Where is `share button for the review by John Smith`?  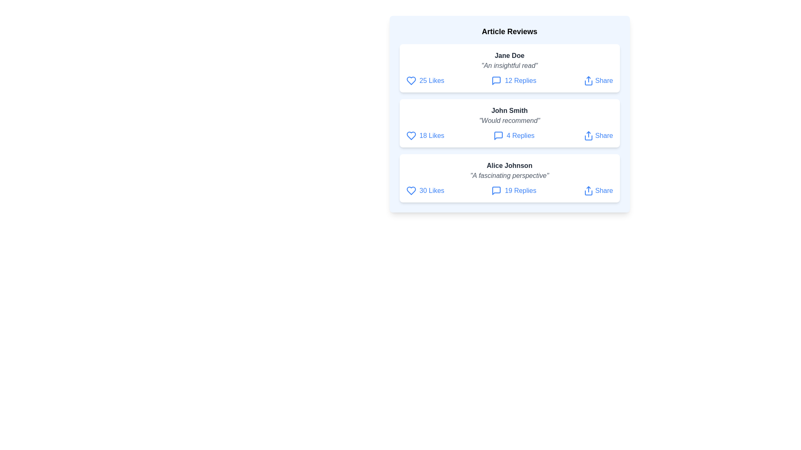 share button for the review by John Smith is located at coordinates (598, 135).